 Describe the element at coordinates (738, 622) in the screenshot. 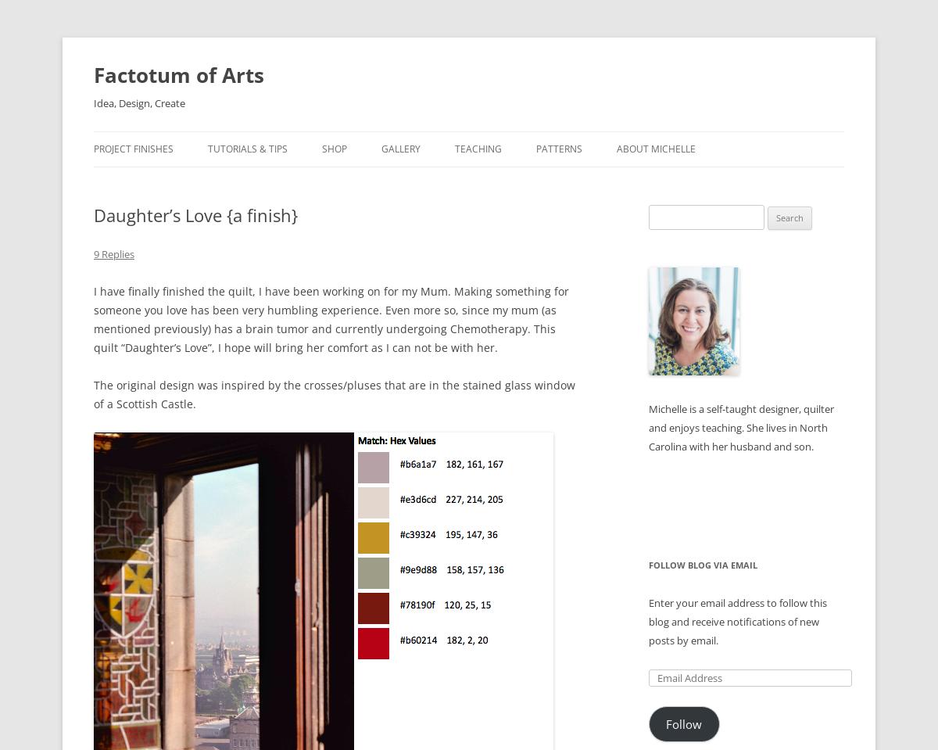

I see `'Enter your email address to follow this blog and receive notifications of new posts by email.'` at that location.